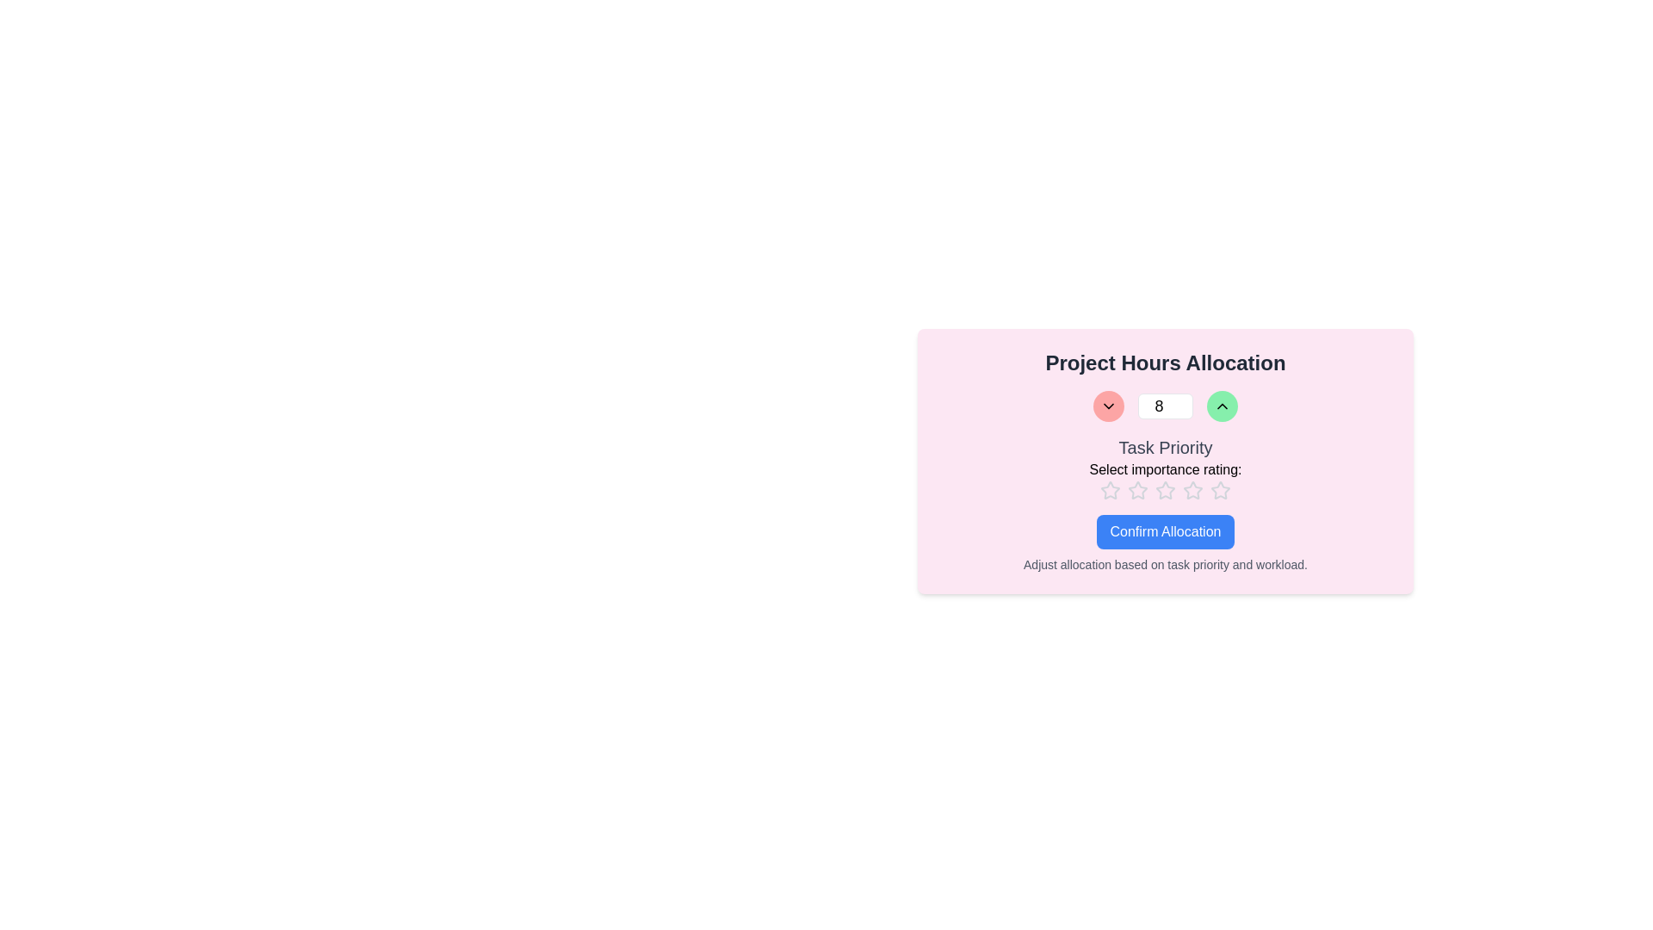  I want to click on the seventh star icon in the horizontal group of seven within the 'Select importance rating:' section, so click(1219, 491).